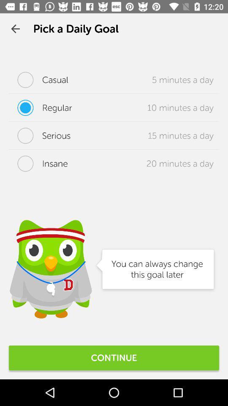 This screenshot has width=228, height=406. I want to click on app next to pick a daily icon, so click(15, 29).